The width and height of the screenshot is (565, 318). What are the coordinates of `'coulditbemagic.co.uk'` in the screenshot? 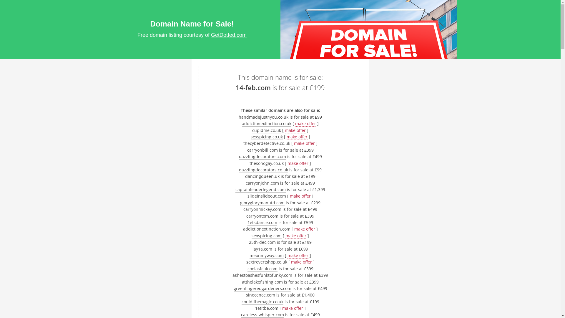 It's located at (262, 302).